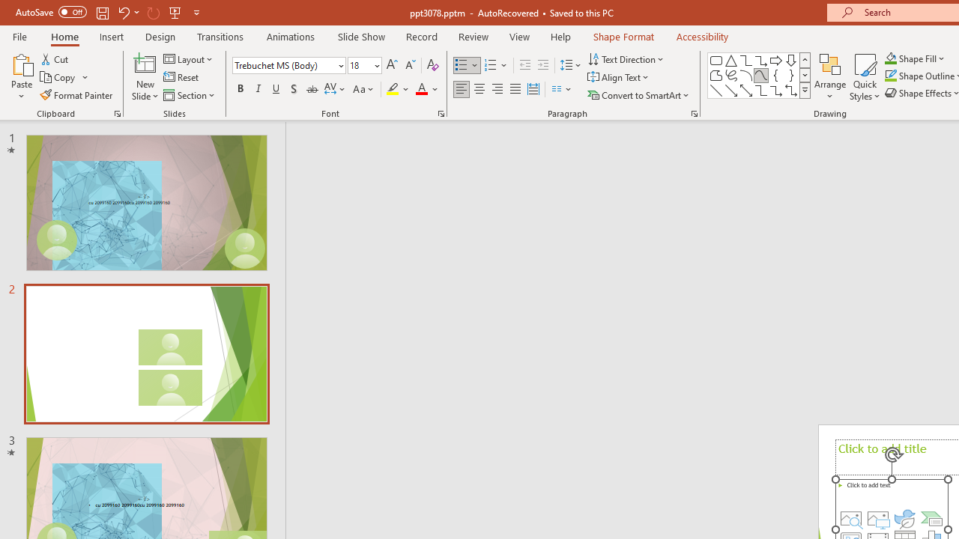  Describe the element at coordinates (790, 90) in the screenshot. I see `'Connector: Elbow Double-Arrow'` at that location.